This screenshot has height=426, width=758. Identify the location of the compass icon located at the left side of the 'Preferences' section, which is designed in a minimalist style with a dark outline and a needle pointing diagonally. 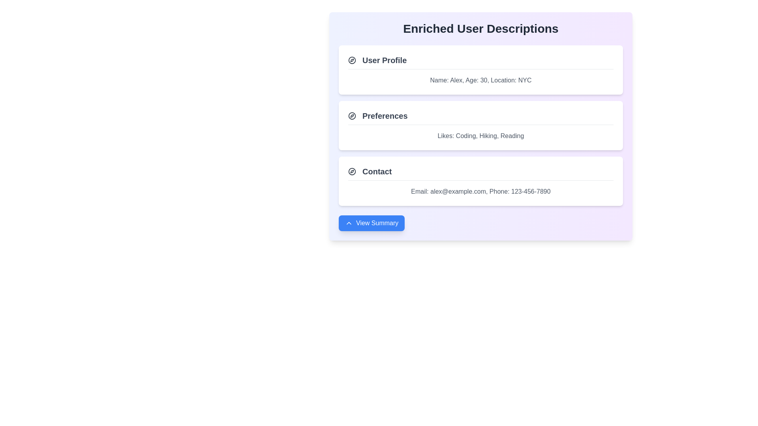
(352, 116).